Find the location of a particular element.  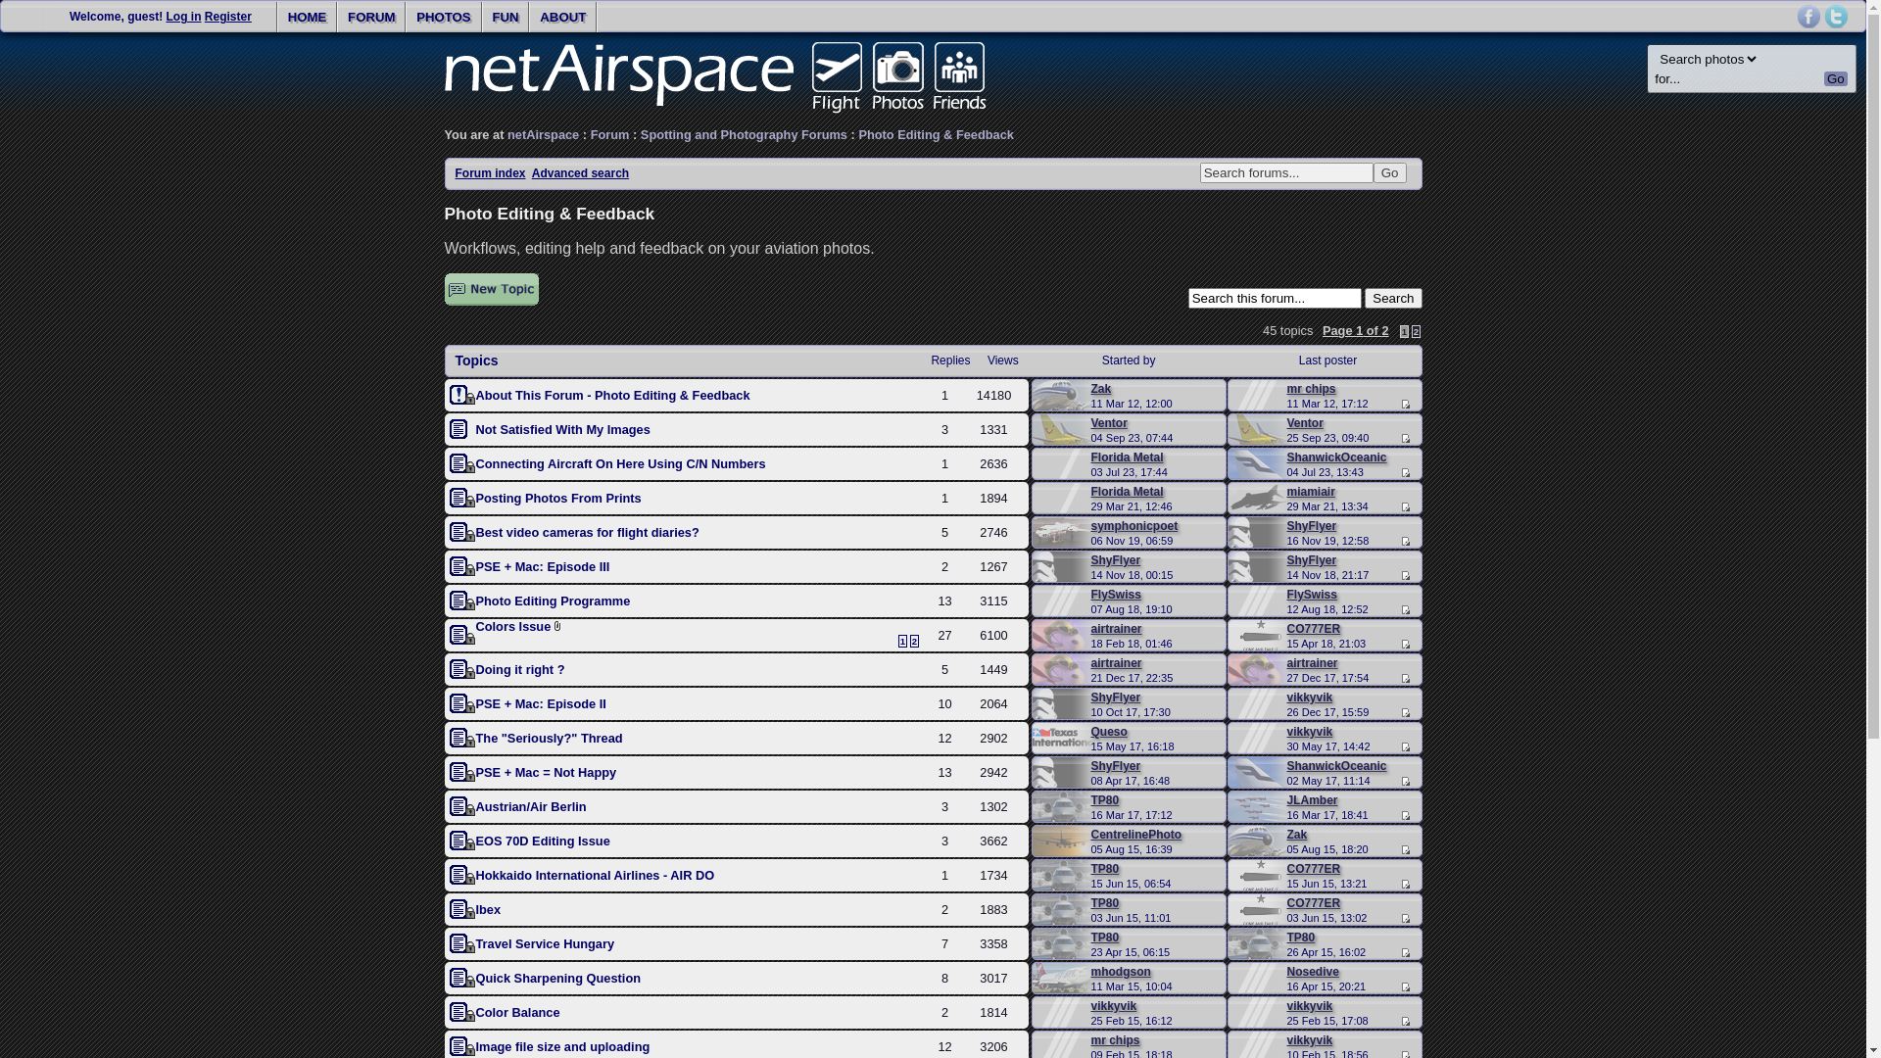

'FORUM' is located at coordinates (371, 17).